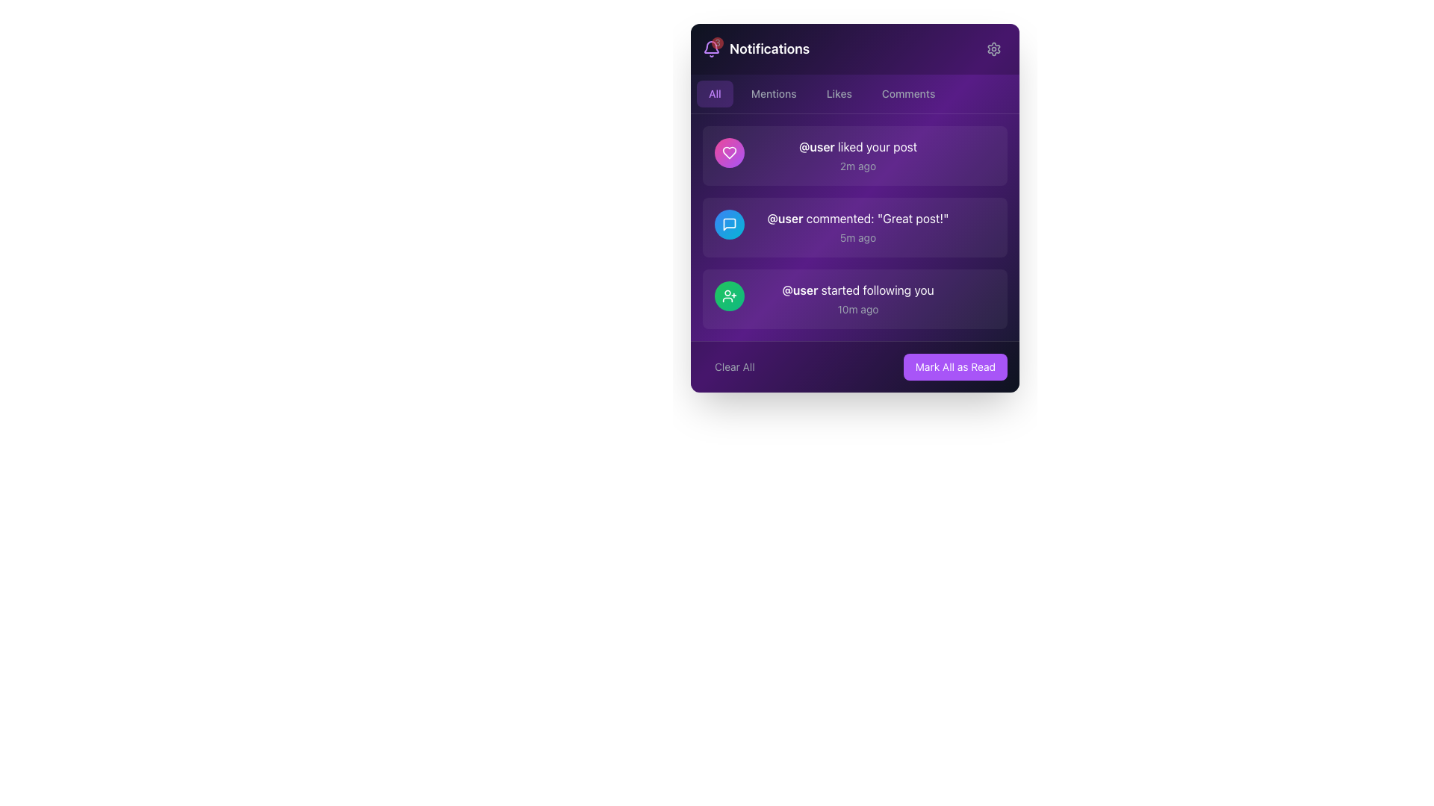 Image resolution: width=1434 pixels, height=806 pixels. Describe the element at coordinates (983, 222) in the screenshot. I see `the dismiss button located on the right side of the notification entry that corresponds to '@user commented: 'Great post!'.' This button is positioned close to the top-right corner of the notification entry for dismissing the notification` at that location.